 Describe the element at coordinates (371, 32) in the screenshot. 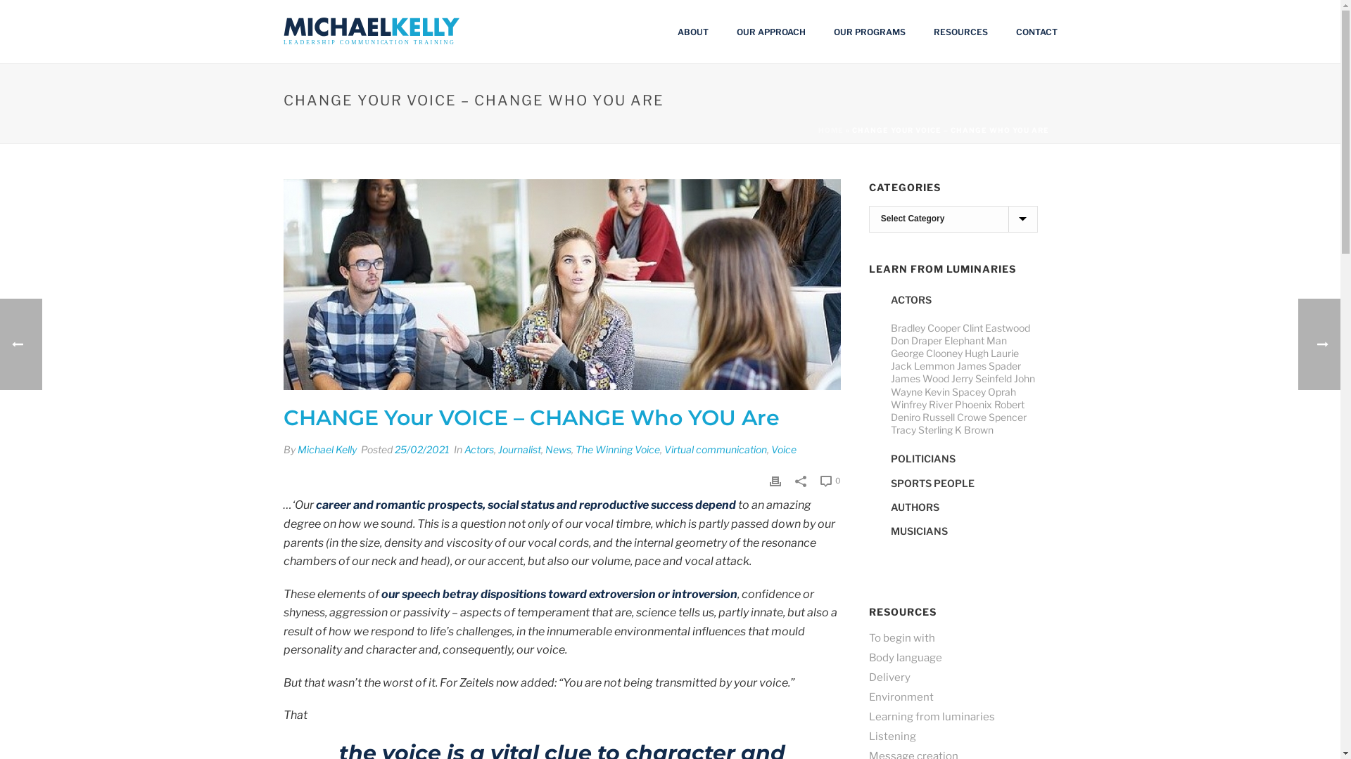

I see `'Leadership Communication Training'` at that location.